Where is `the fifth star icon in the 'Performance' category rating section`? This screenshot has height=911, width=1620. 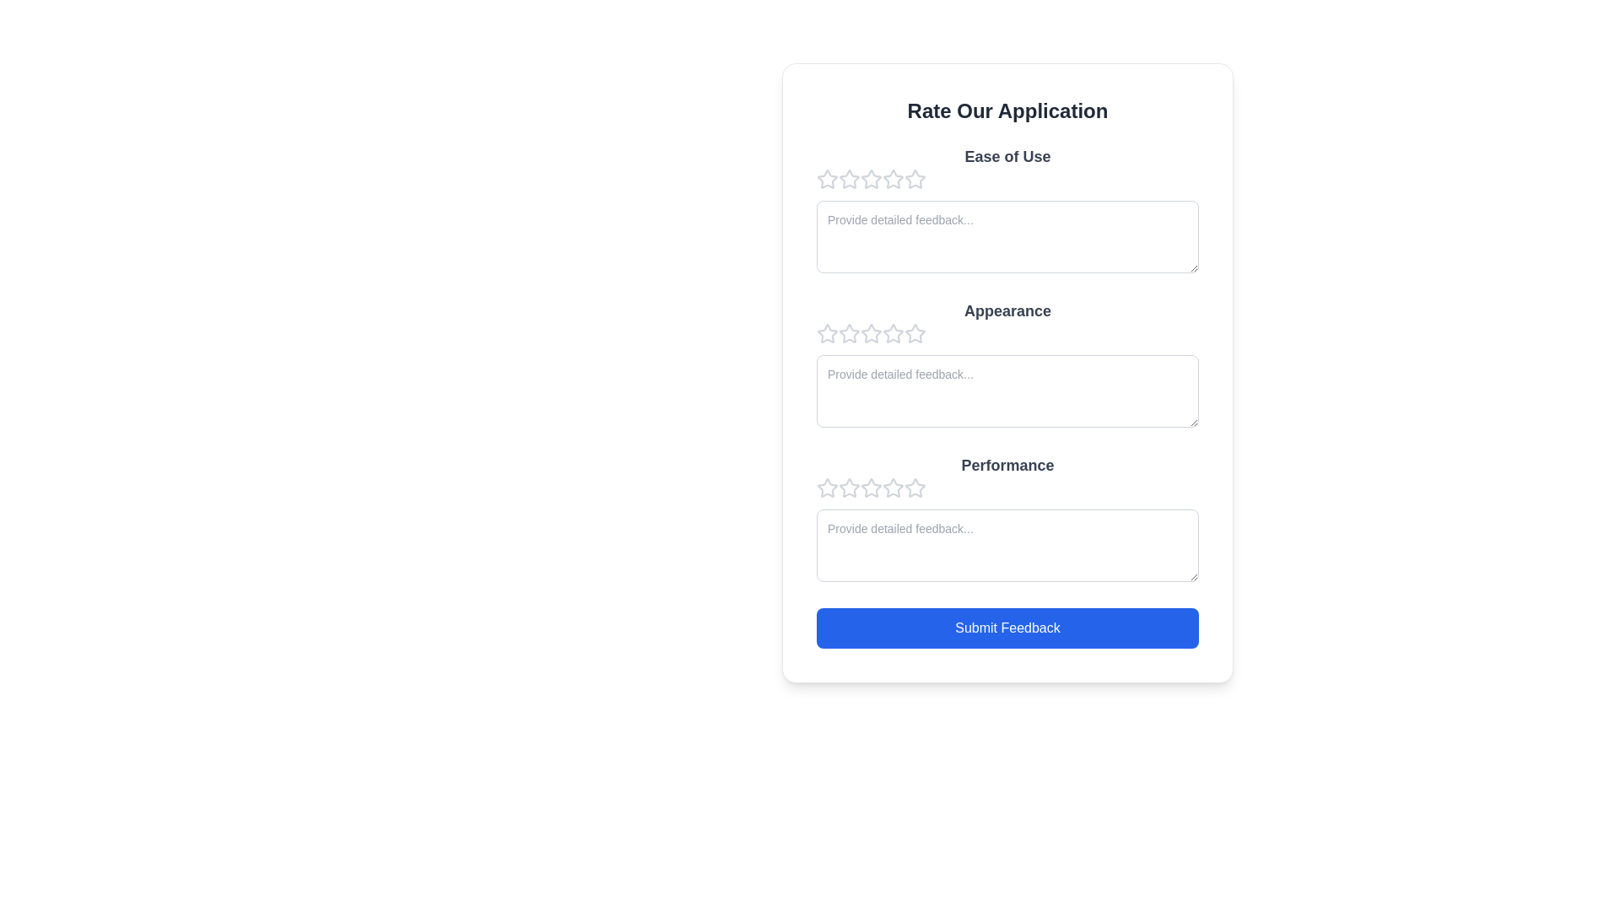 the fifth star icon in the 'Performance' category rating section is located at coordinates (893, 488).